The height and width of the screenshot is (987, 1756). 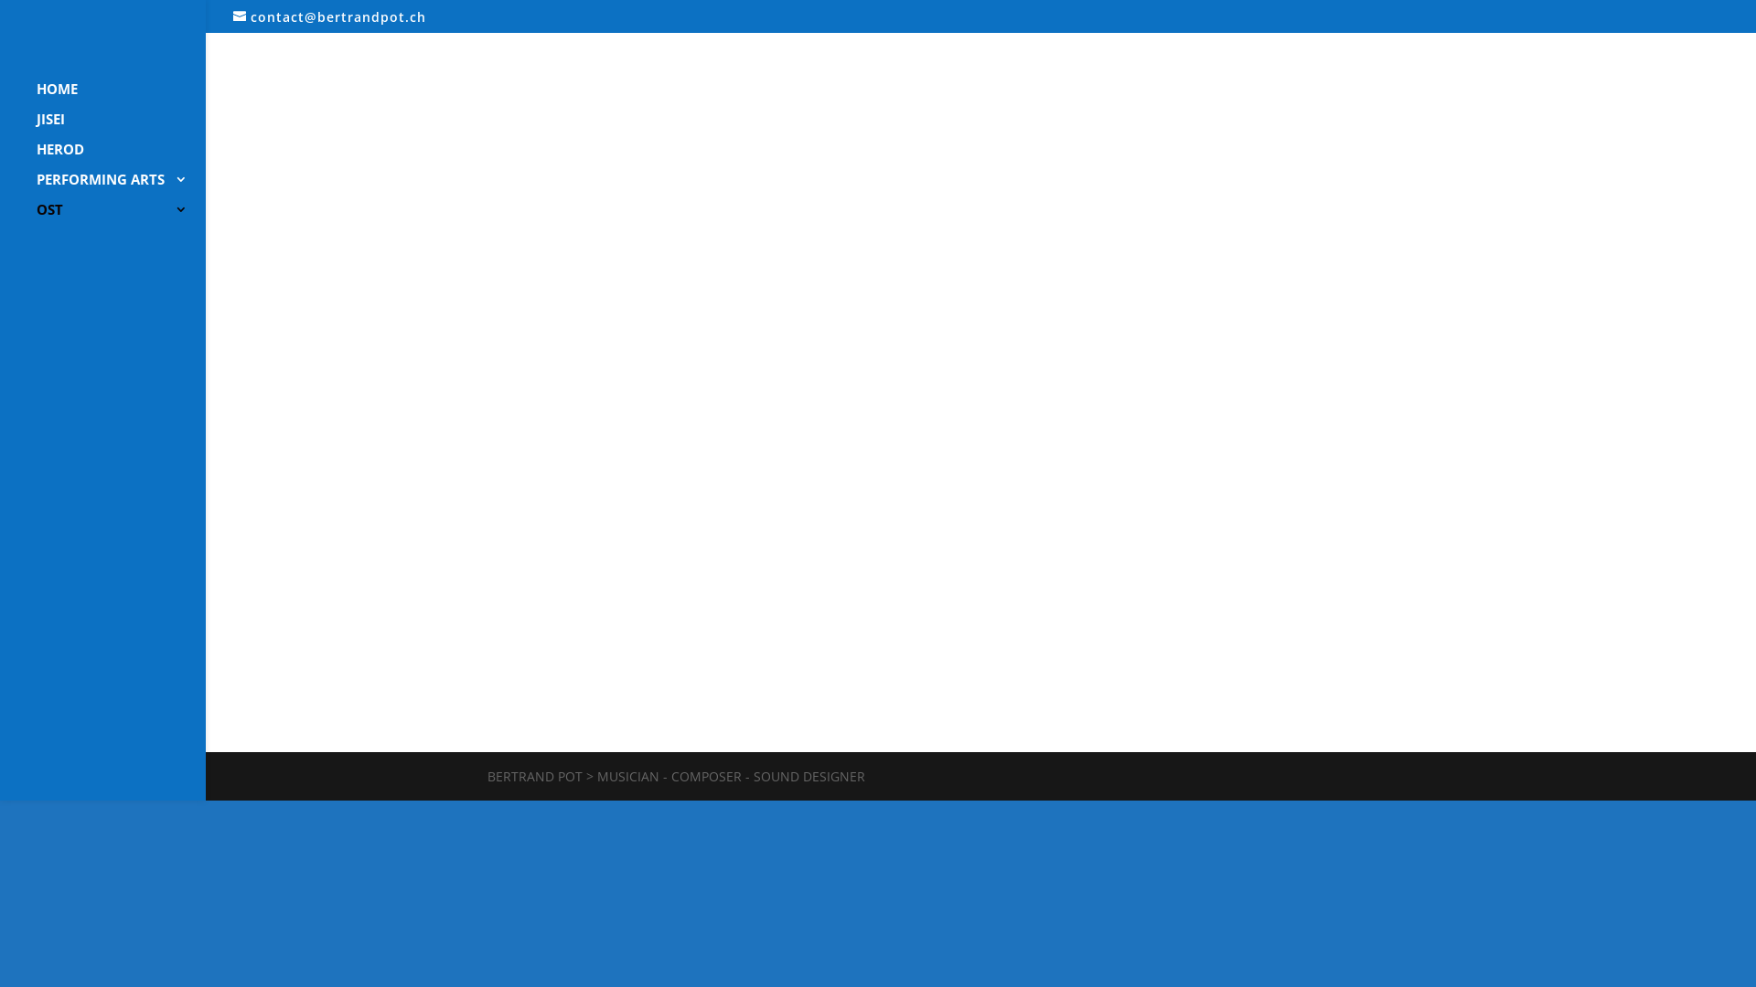 I want to click on 'HEROD', so click(x=36, y=156).